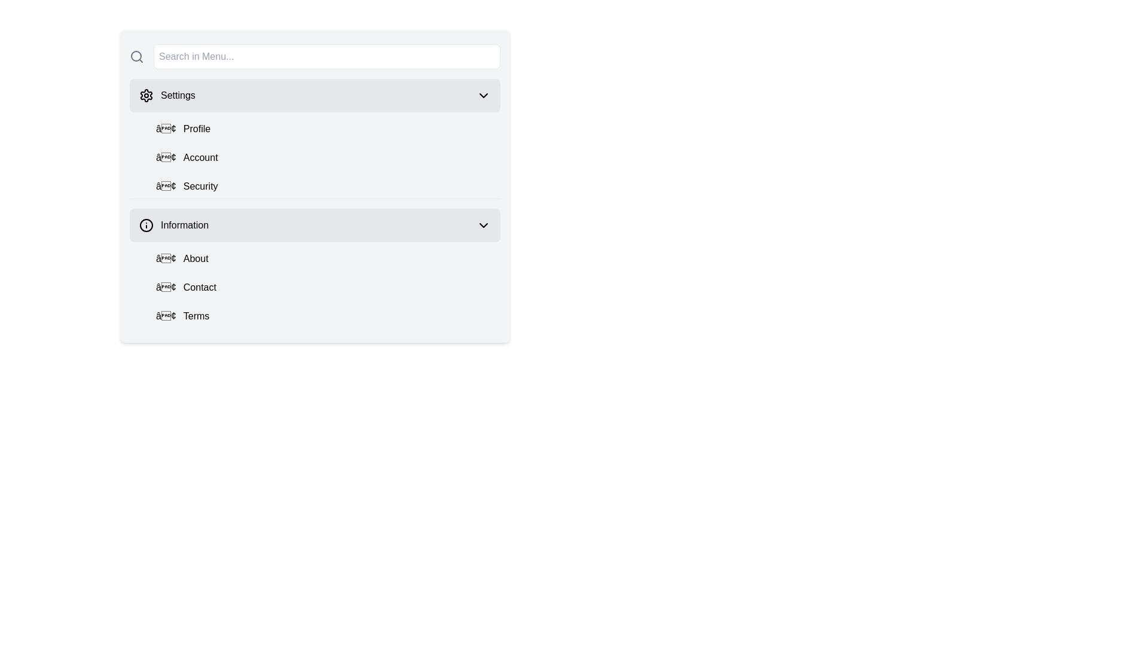 The width and height of the screenshot is (1148, 646). Describe the element at coordinates (315, 157) in the screenshot. I see `an entry in the Navigation List located beneath the 'Settings' section` at that location.